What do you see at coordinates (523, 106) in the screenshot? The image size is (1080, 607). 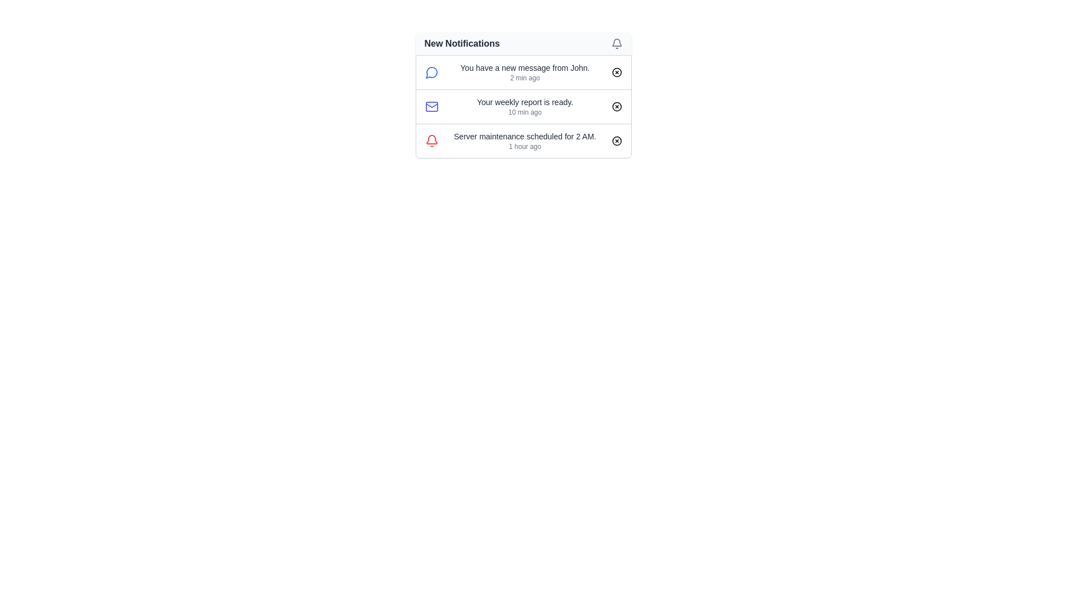 I see `the second notification item that indicates the weekly report is ready, positioned centrally below the first notification about a new message from John` at bounding box center [523, 106].